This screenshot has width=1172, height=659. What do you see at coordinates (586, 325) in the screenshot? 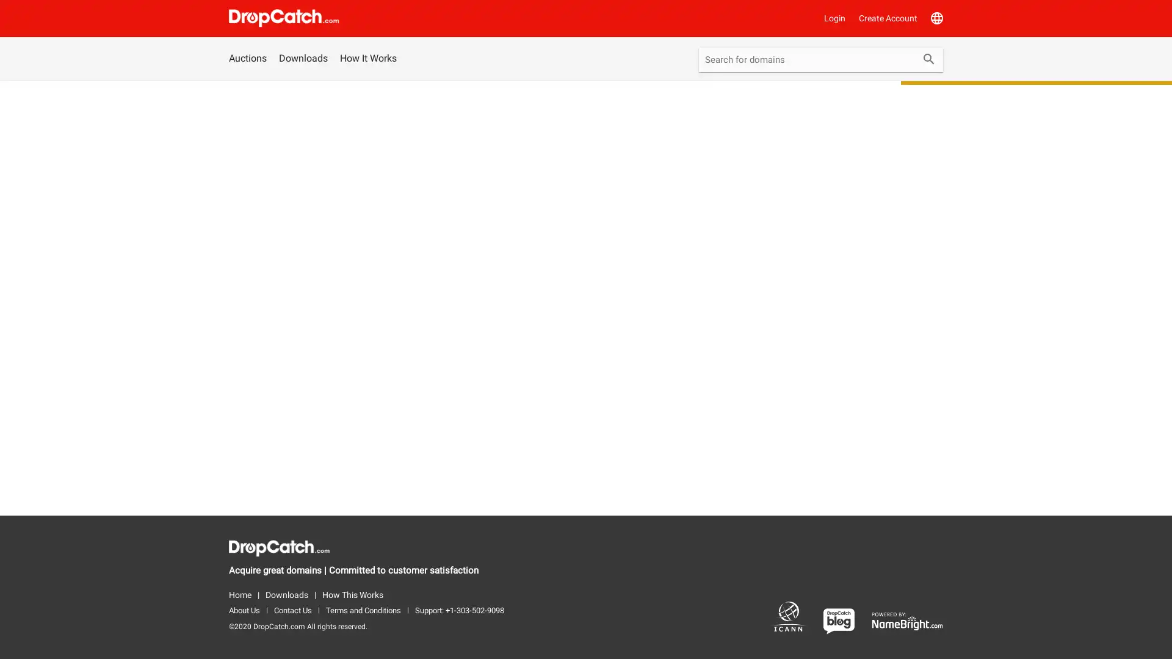
I see `WhoIs Lookup   exit_to_app` at bounding box center [586, 325].